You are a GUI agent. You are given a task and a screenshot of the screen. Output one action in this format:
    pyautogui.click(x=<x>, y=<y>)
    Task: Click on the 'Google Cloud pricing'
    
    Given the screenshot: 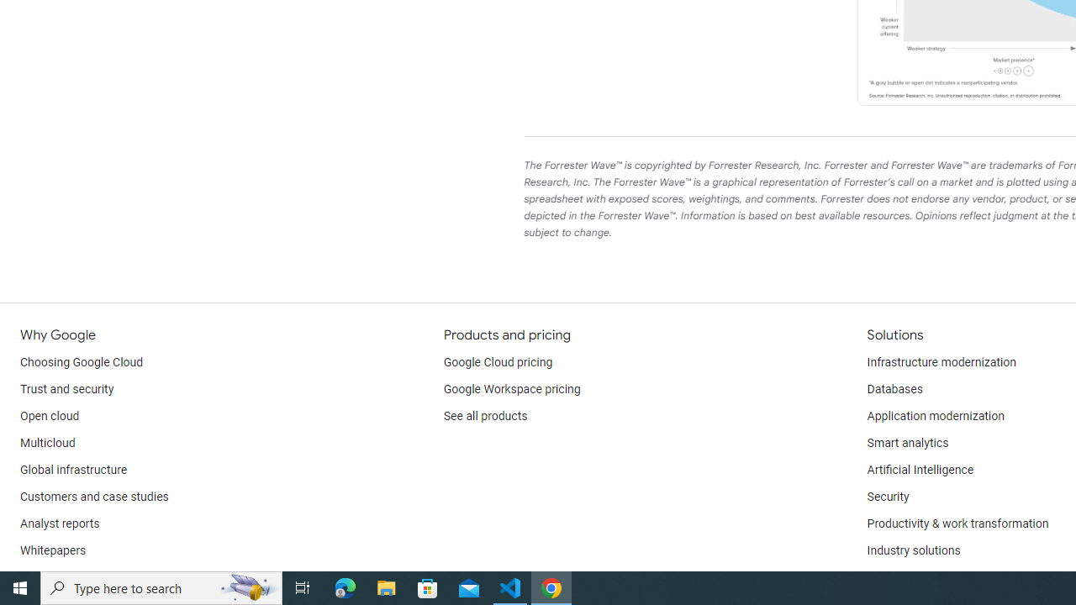 What is the action you would take?
    pyautogui.click(x=497, y=362)
    